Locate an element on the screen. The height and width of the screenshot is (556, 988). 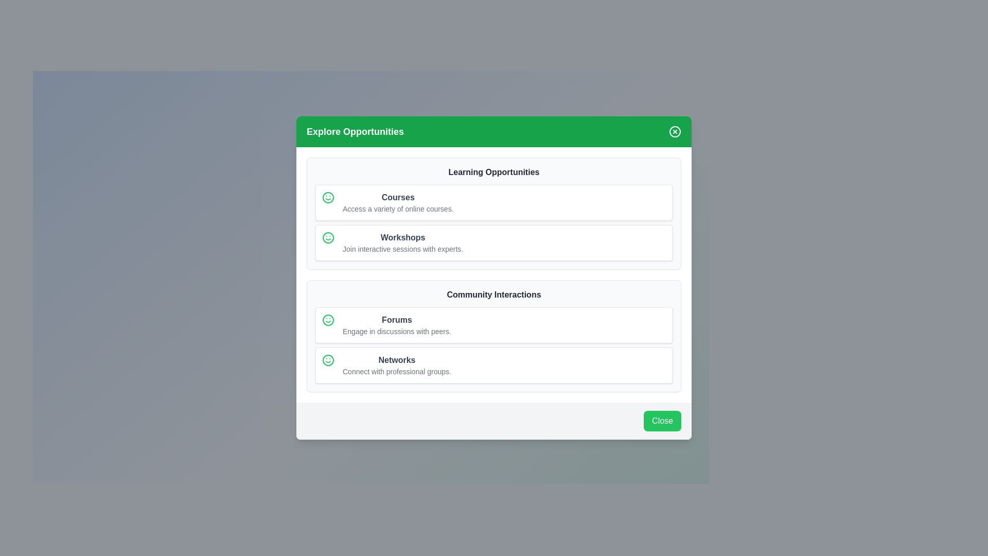
the positivity icon located to the left of the 'Courses' text in the 'Learning Opportunities' module card interface is located at coordinates (328, 319).